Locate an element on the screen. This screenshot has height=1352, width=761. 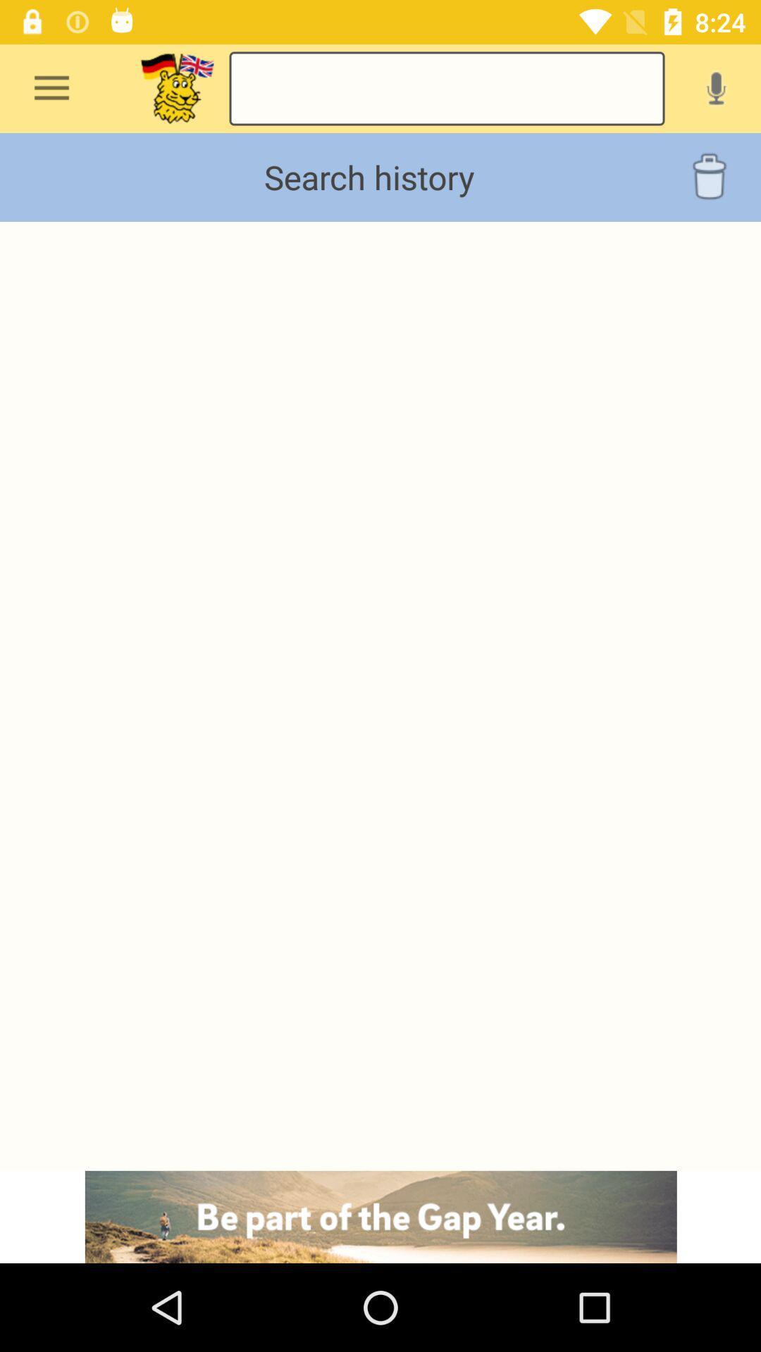
delete option is located at coordinates (709, 177).